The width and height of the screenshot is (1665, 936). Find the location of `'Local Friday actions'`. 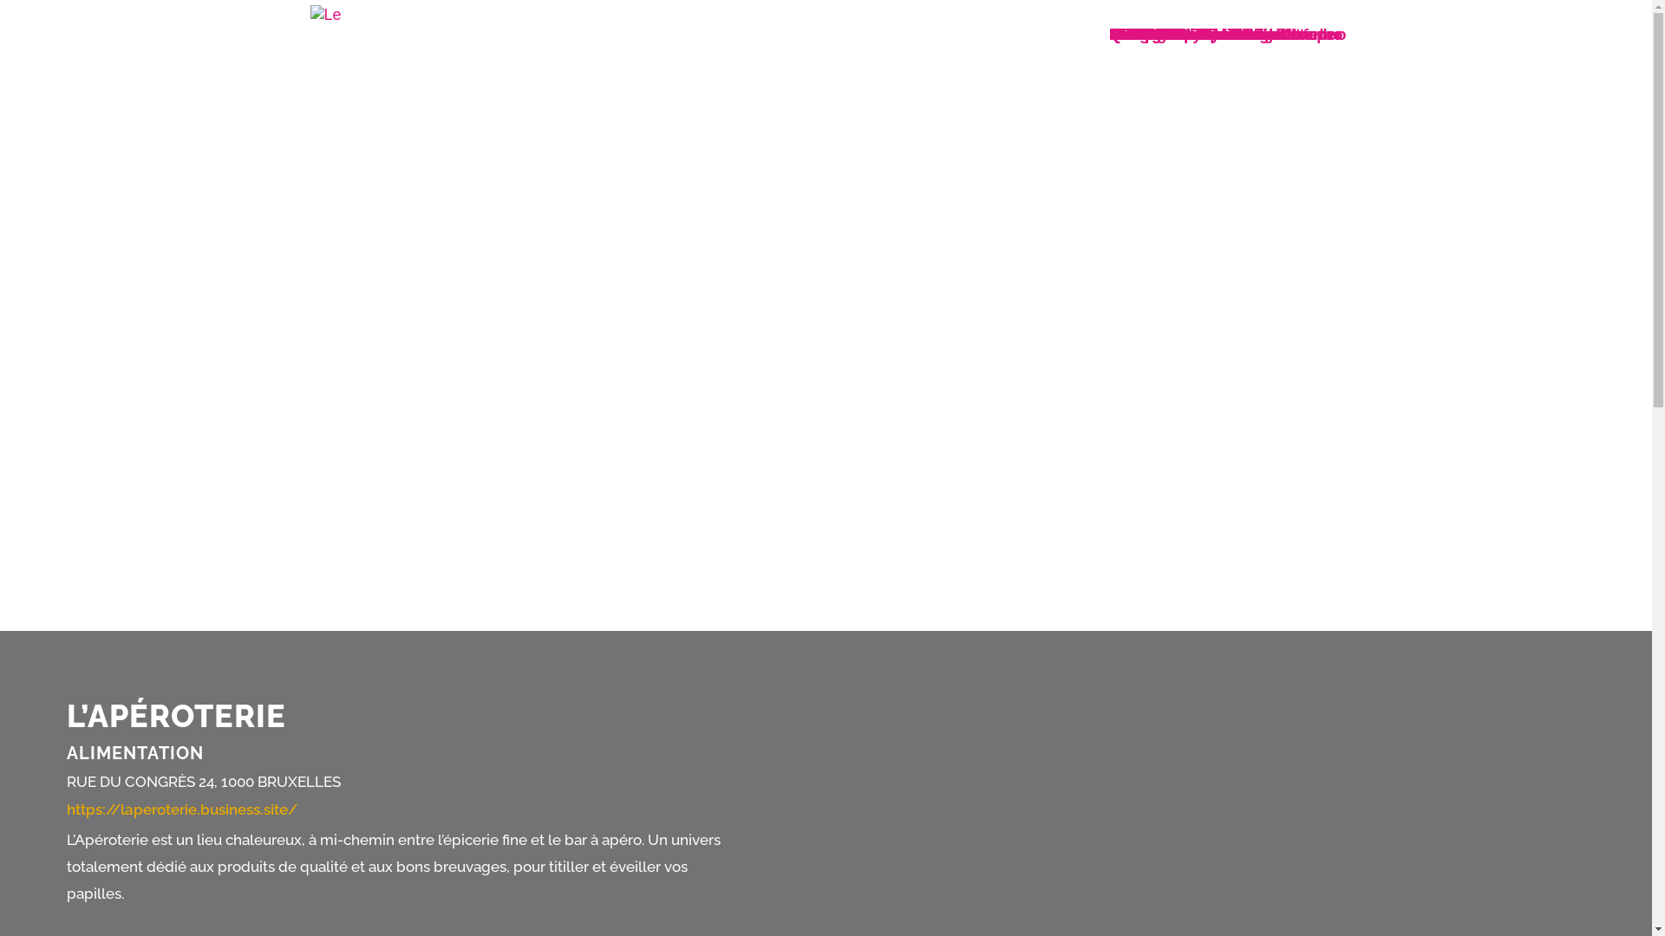

'Local Friday actions' is located at coordinates (1107, 34).